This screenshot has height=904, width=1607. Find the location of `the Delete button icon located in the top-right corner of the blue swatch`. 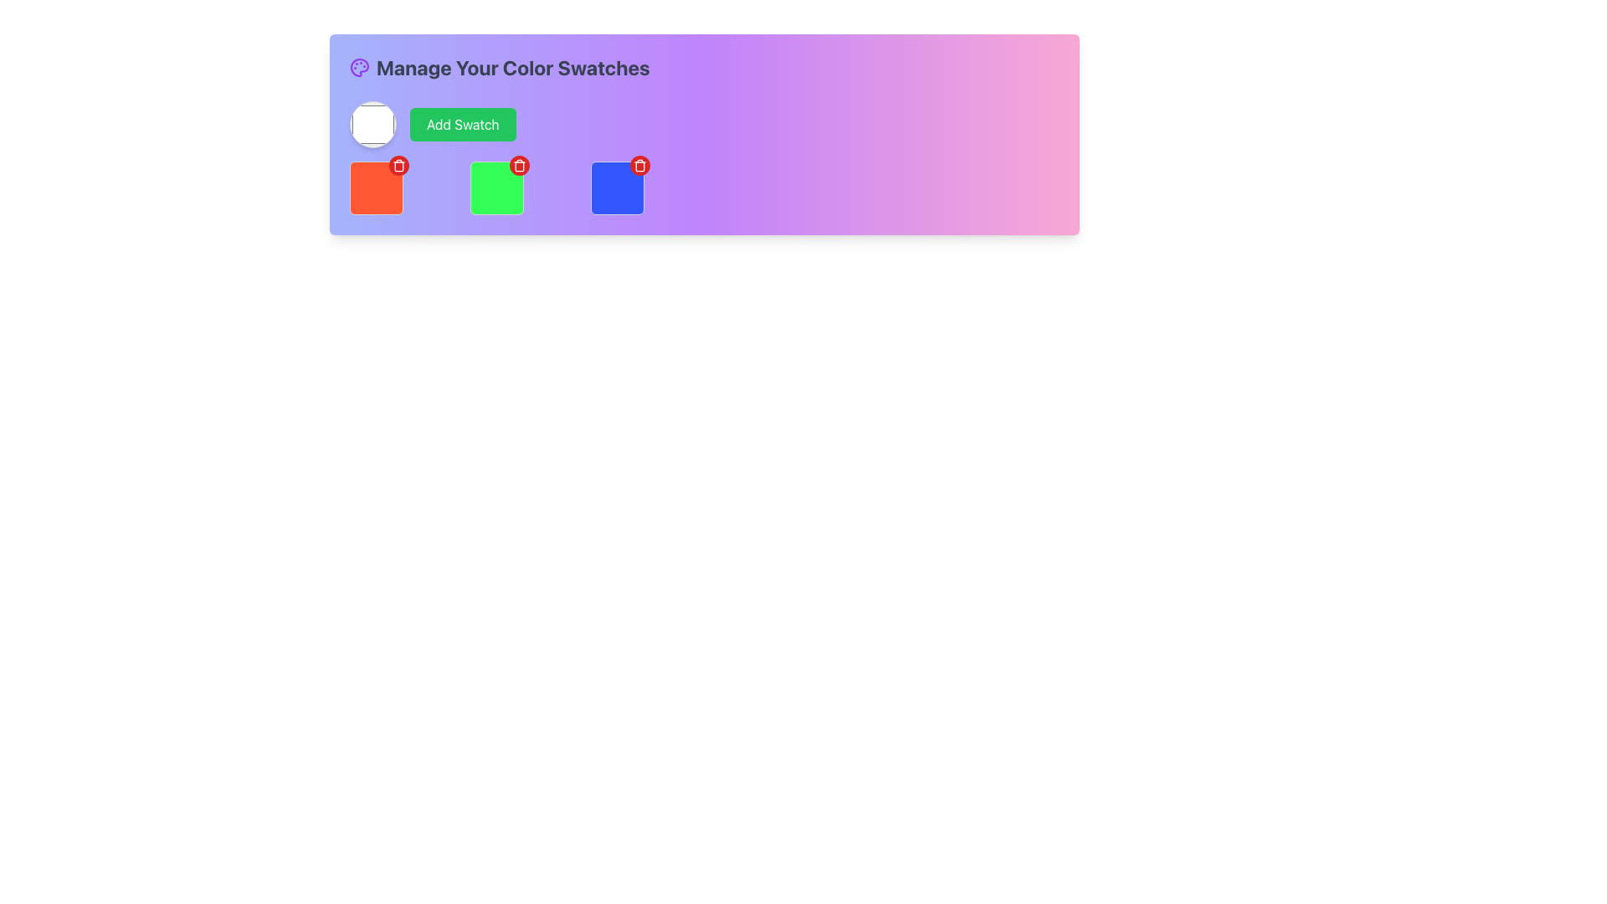

the Delete button icon located in the top-right corner of the blue swatch is located at coordinates (639, 165).